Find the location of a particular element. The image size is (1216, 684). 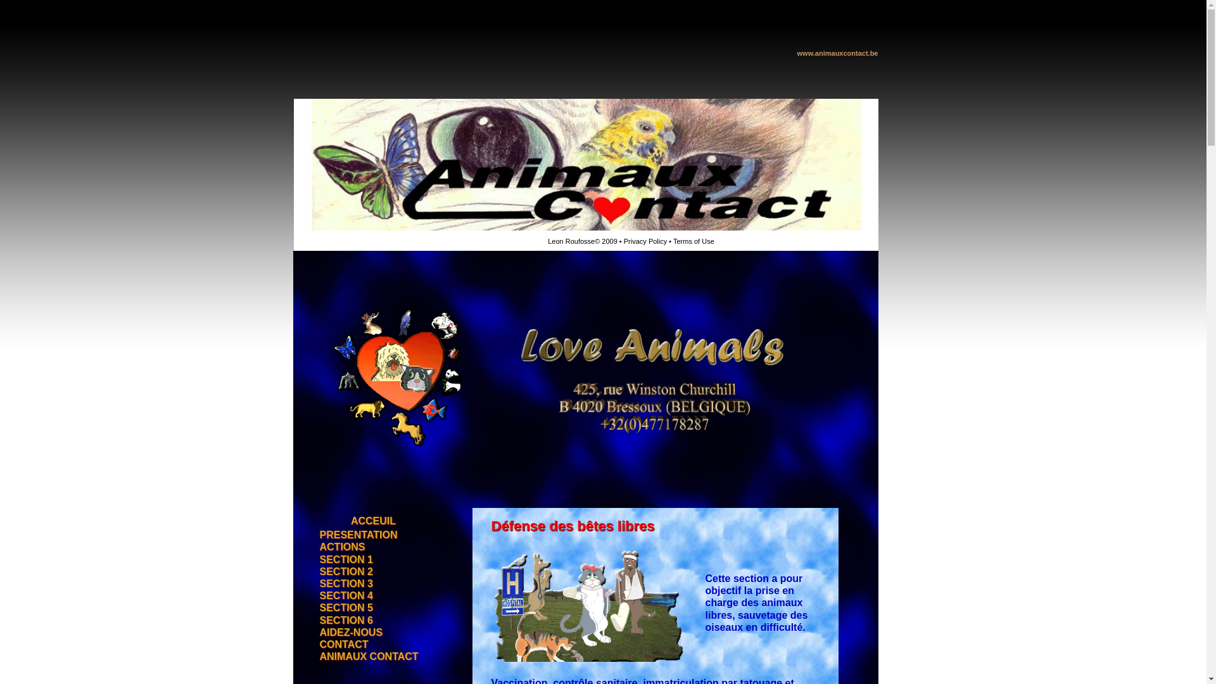

'SECTION 6' is located at coordinates (319, 619).